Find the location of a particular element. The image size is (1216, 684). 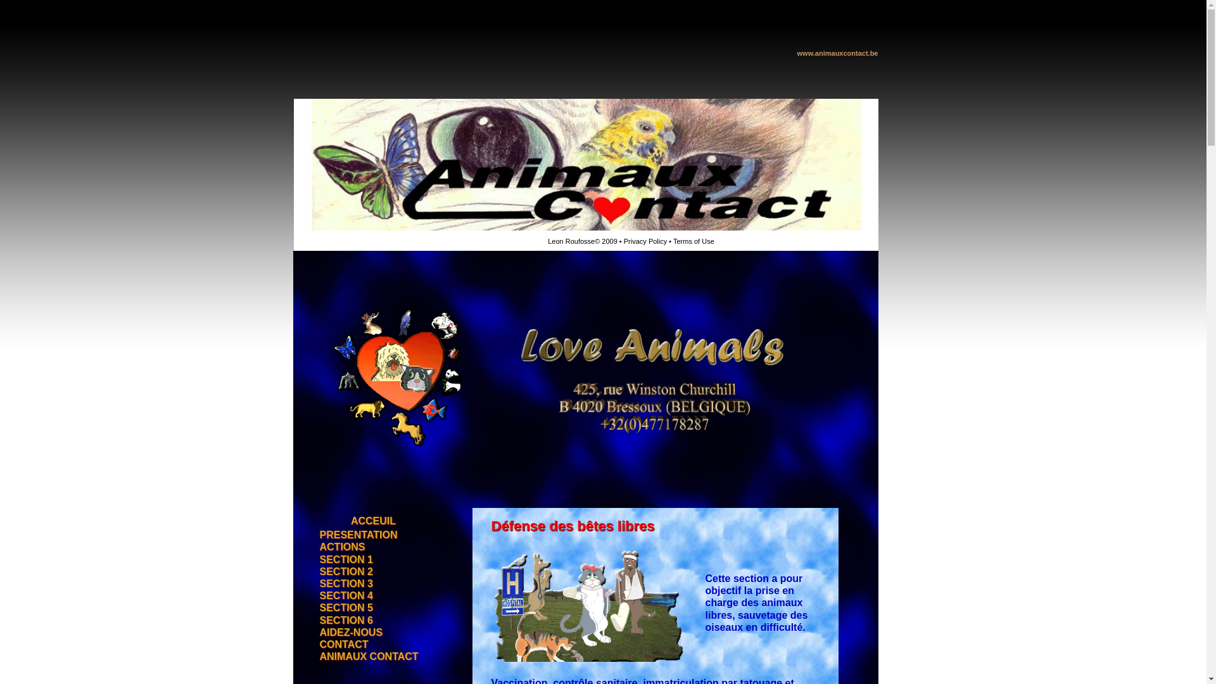

'SECTION 6' is located at coordinates (319, 619).